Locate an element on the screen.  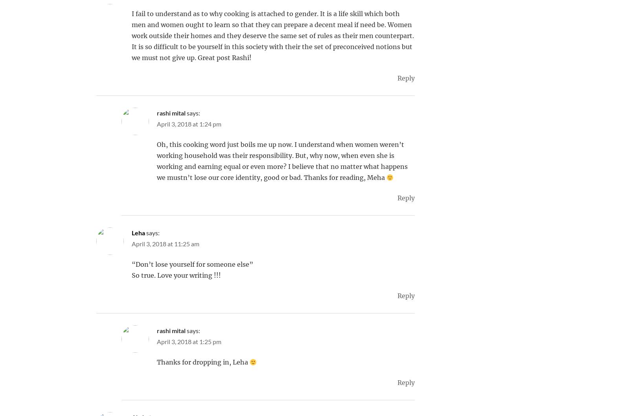
'I fail to understand as to why cooking is attached to gender. It is a life skill which both men and women ought to learn so that they can prepare a decent meal if need be. Women work outside their homes and they deserve the same set of rules as their men counterpart. It is so difficult to be yourself in this society with their the set of preconceived notions but we must not give up. Great post Rashi!' is located at coordinates (132, 35).